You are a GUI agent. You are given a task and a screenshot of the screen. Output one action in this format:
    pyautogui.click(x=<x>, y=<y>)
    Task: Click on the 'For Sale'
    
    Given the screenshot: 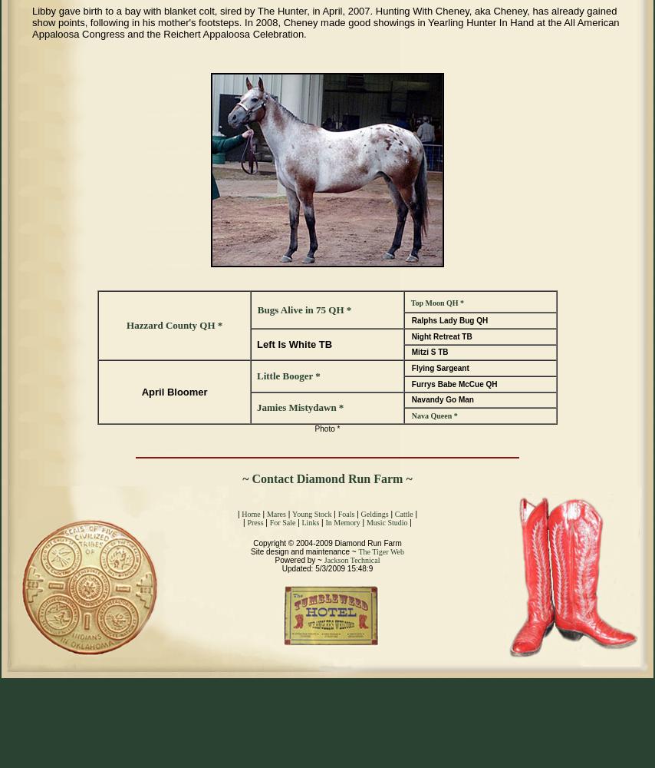 What is the action you would take?
    pyautogui.click(x=281, y=522)
    